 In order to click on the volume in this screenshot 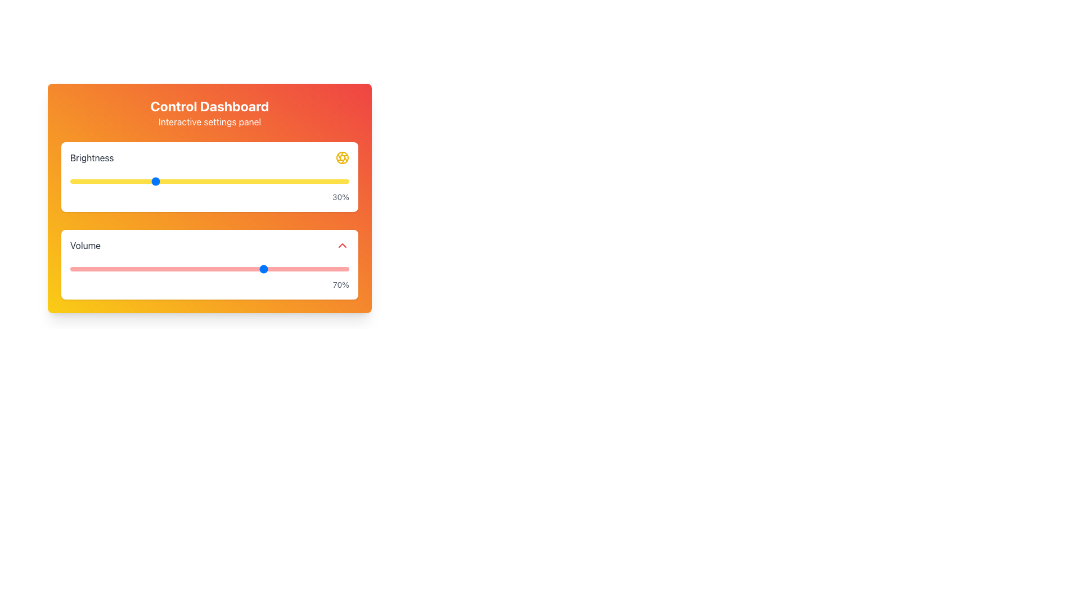, I will do `click(106, 269)`.